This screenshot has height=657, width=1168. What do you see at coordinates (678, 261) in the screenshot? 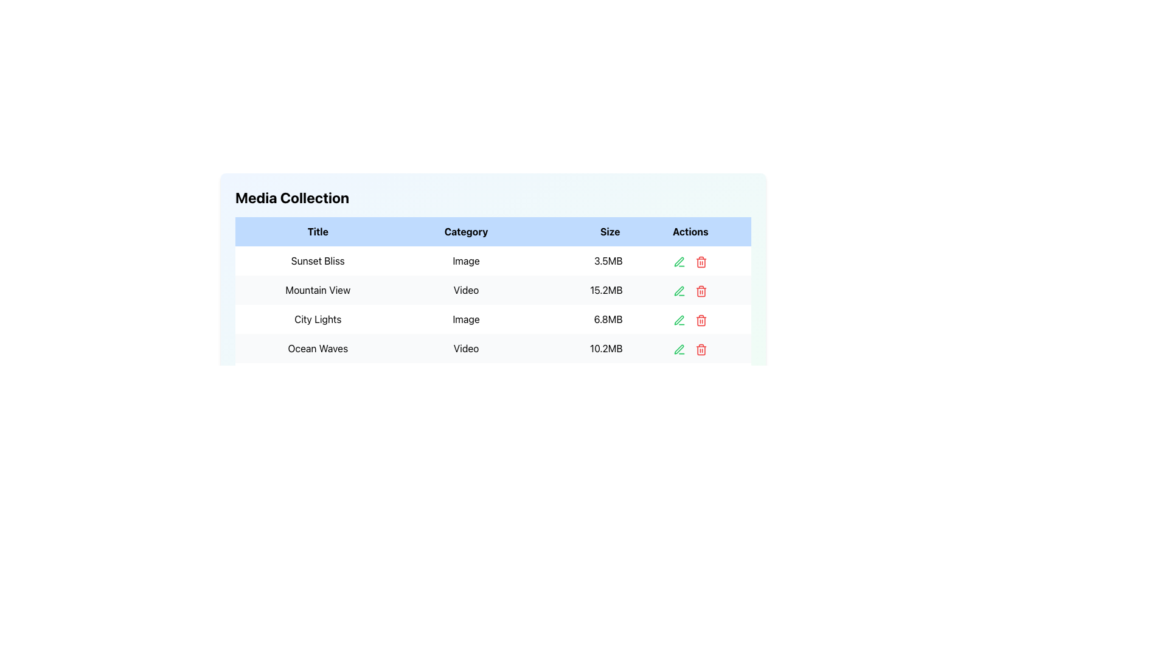
I see `the green pen icon located in the 'Actions' column of the second row of the data table to initiate editing` at bounding box center [678, 261].